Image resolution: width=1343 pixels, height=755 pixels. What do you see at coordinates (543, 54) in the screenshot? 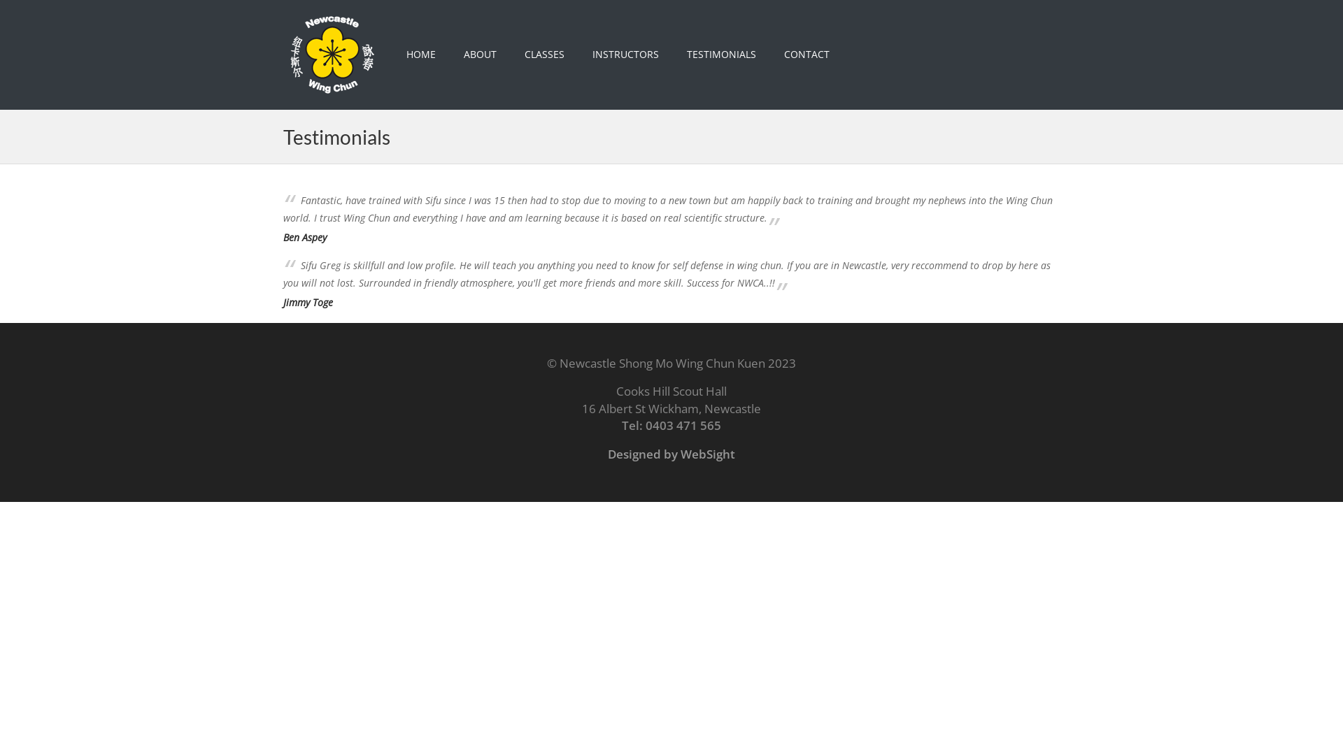
I see `'CLASSES'` at bounding box center [543, 54].